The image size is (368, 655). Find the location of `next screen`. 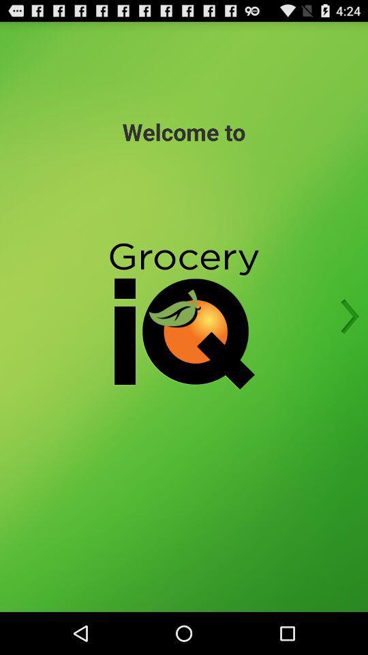

next screen is located at coordinates (346, 317).